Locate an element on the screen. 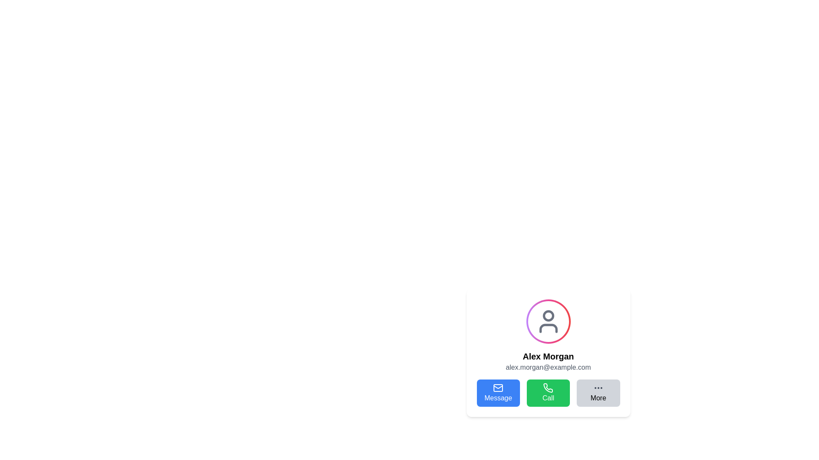 This screenshot has width=819, height=460. the Profile Image Placeholder, which is a circular icon with a gradient border and a gray user silhouette centered within it, located at the top center of the user card is located at coordinates (548, 322).